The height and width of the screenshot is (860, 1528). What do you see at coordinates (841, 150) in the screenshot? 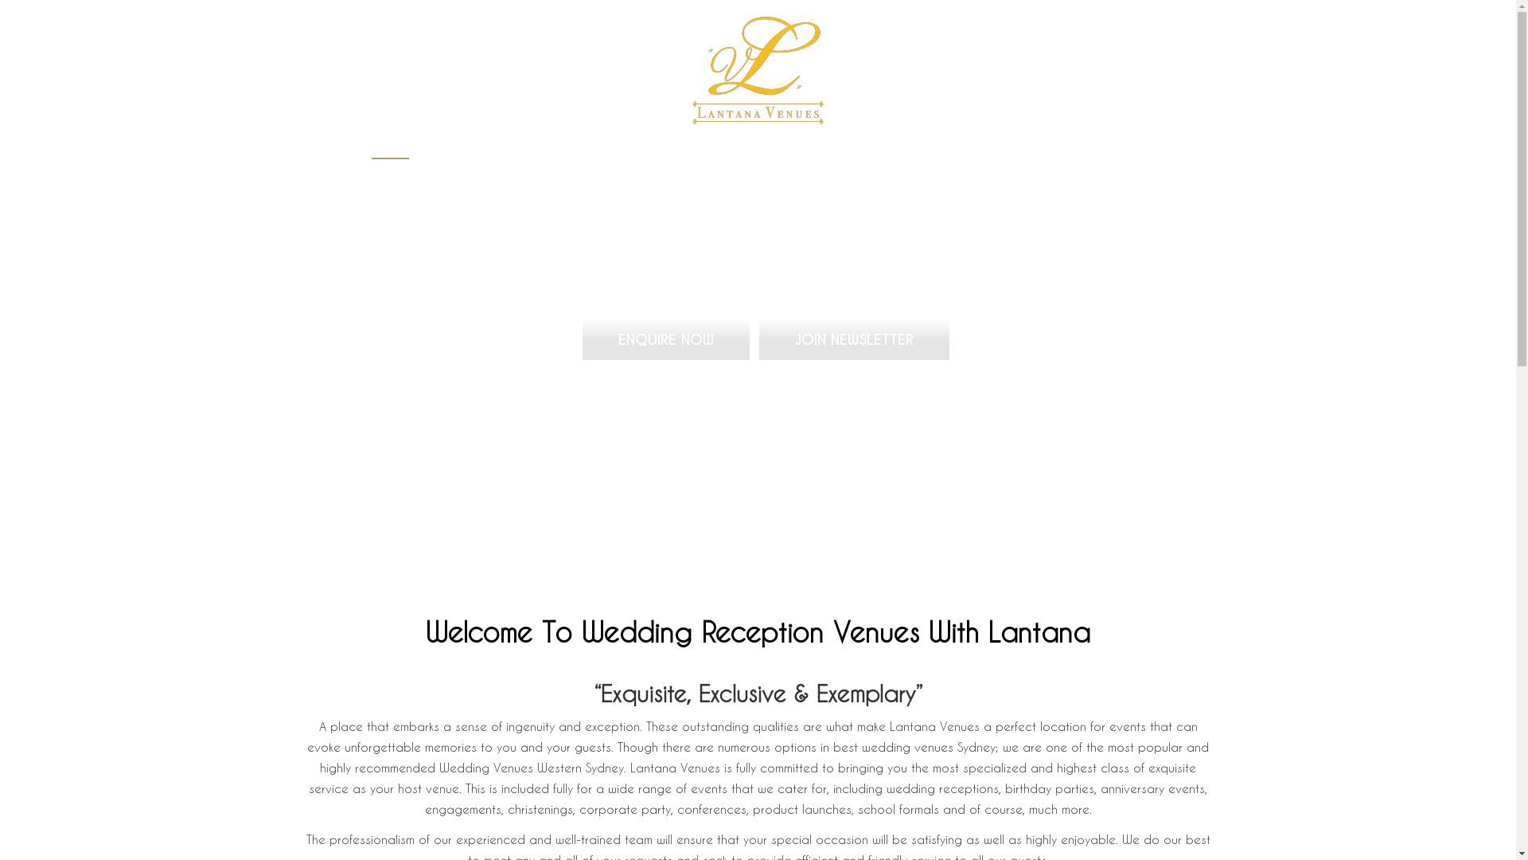
I see `'OUR GALLERY'` at bounding box center [841, 150].